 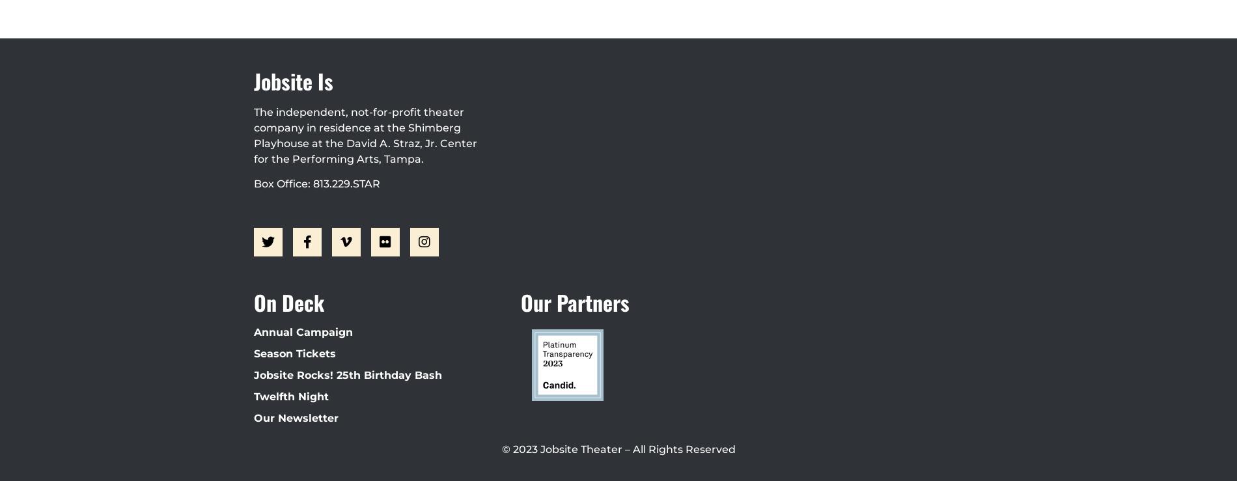 I want to click on 'Box Office: 813.229.STAR', so click(x=253, y=183).